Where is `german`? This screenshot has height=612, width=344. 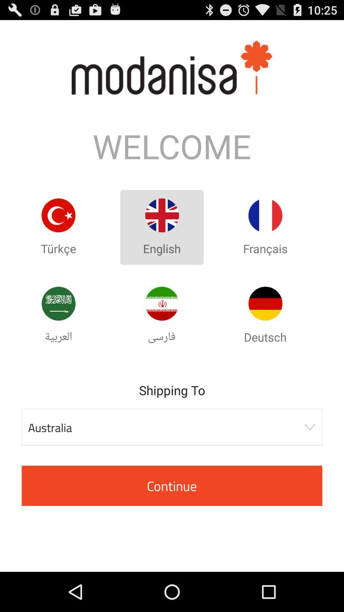
german is located at coordinates (265, 303).